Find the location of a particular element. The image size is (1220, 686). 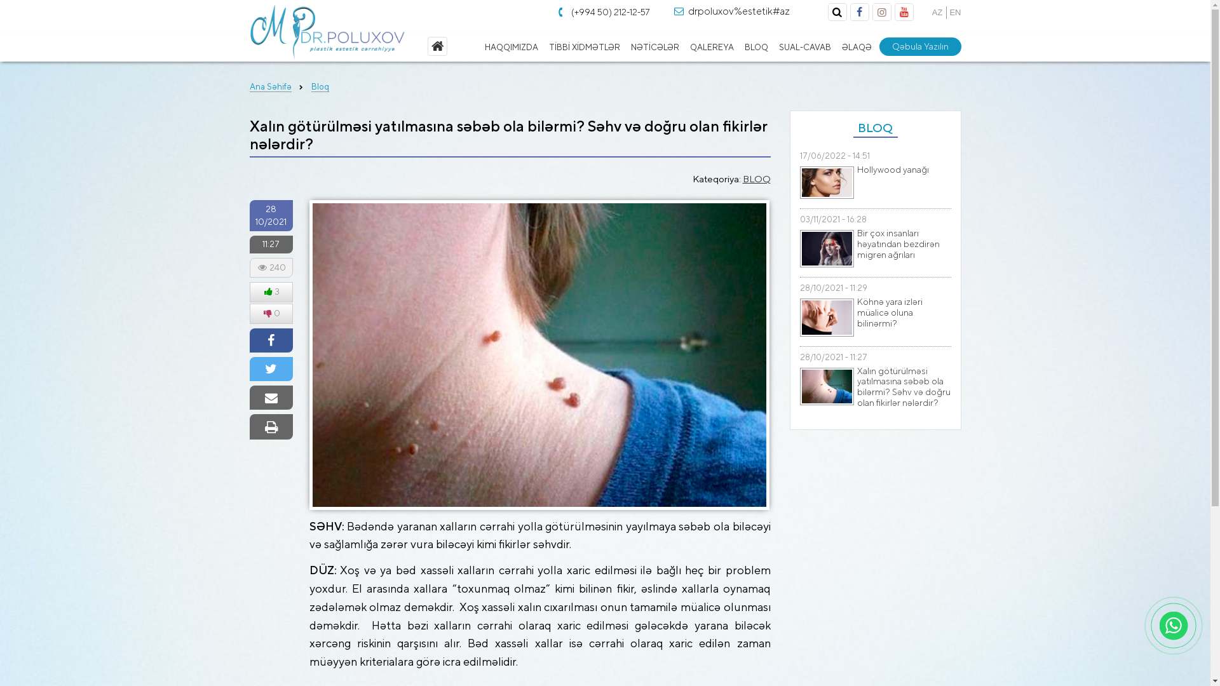

'Instagram' is located at coordinates (881, 12).